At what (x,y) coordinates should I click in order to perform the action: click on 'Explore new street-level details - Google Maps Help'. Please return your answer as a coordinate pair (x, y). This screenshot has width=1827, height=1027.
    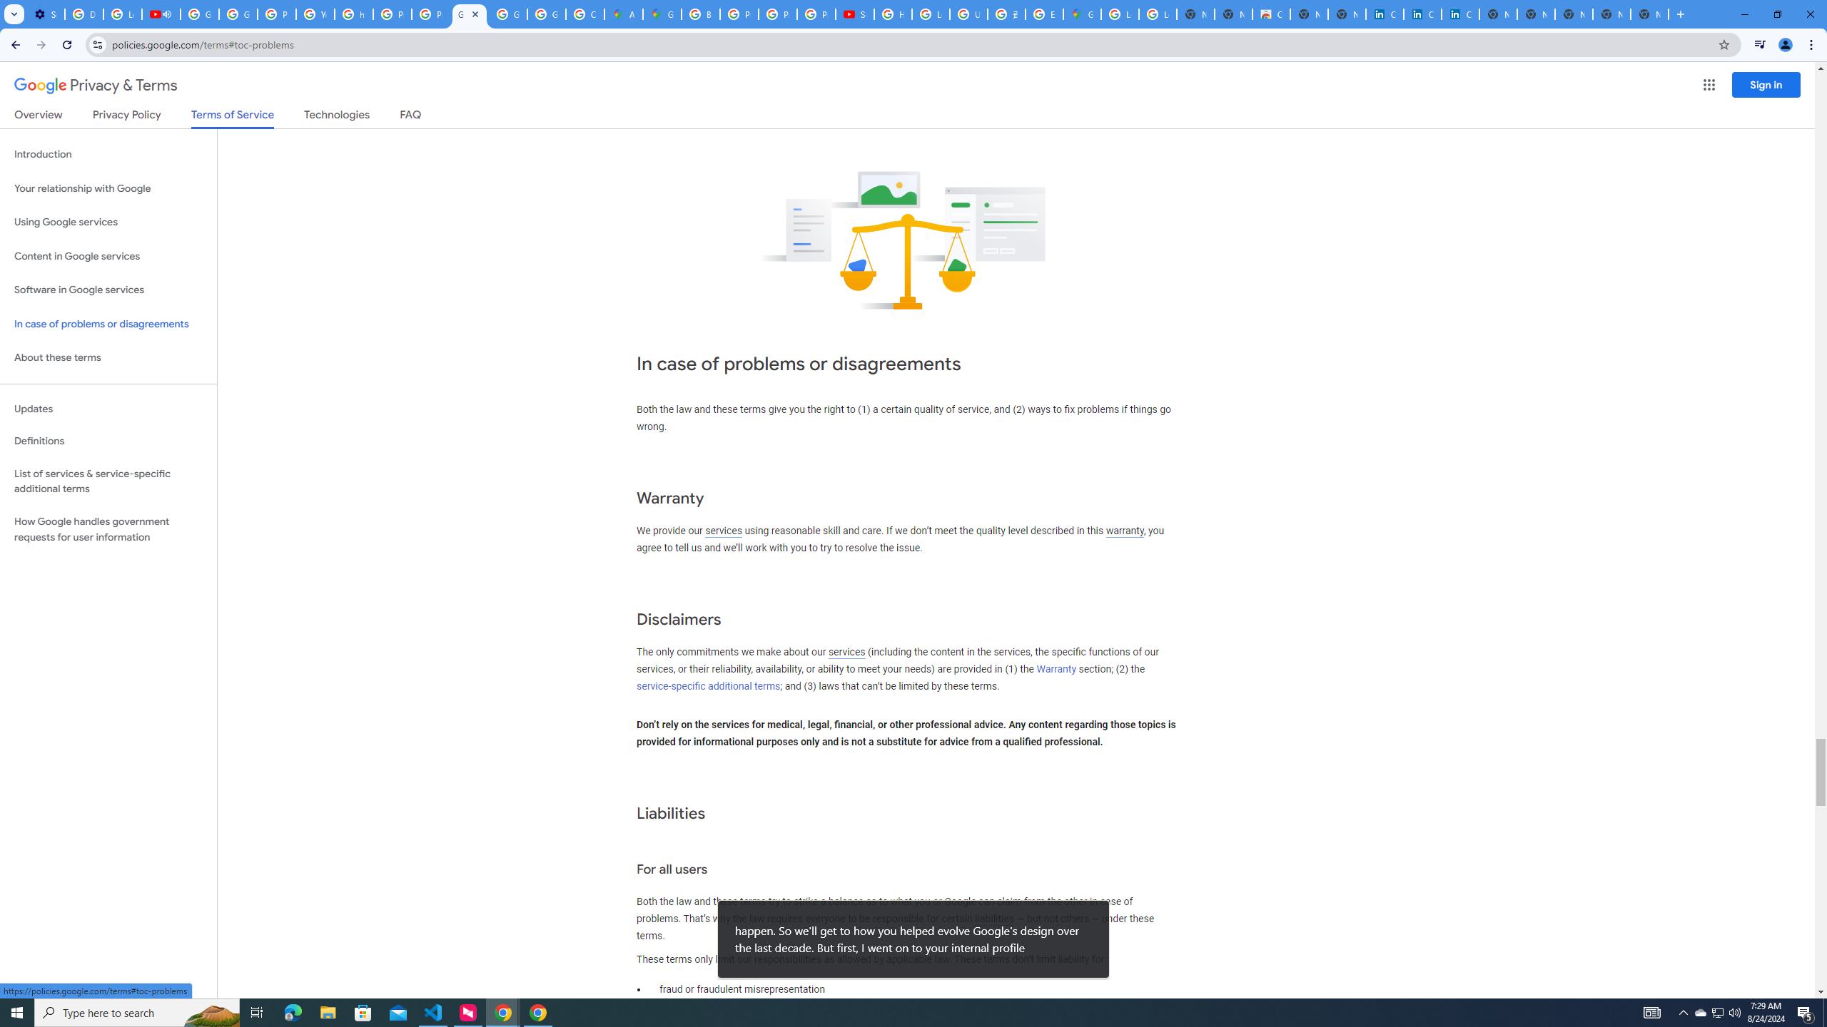
    Looking at the image, I should click on (1044, 14).